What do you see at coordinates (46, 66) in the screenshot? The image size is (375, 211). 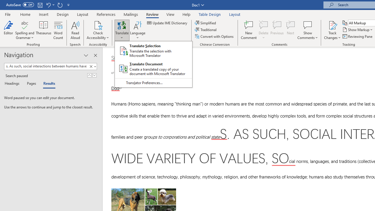 I see `'Search document'` at bounding box center [46, 66].